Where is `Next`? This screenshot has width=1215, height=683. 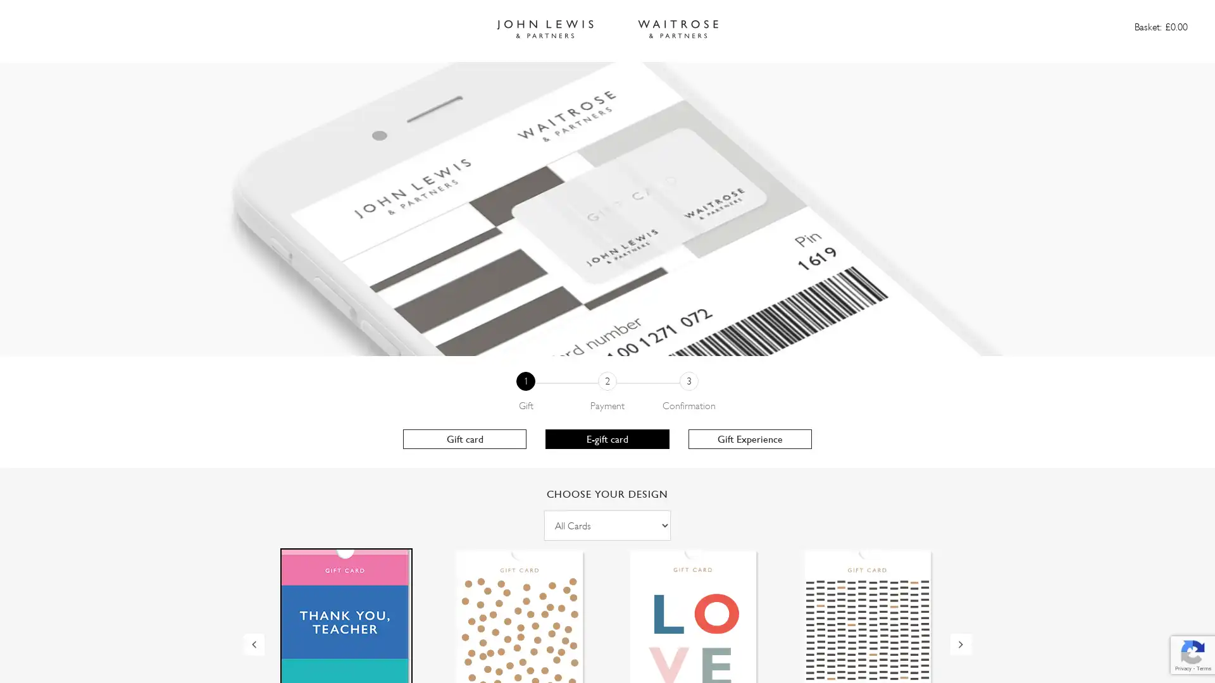 Next is located at coordinates (961, 644).